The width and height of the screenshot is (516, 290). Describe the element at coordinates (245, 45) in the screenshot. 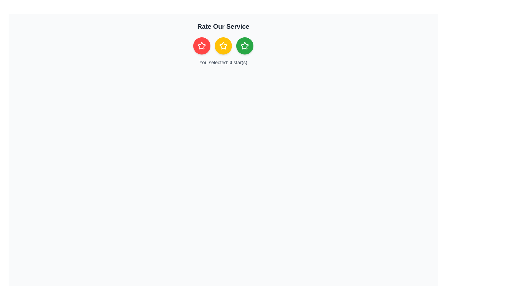

I see `the third star icon in a row of three circle-based icons, which indicates a rating of three stars` at that location.